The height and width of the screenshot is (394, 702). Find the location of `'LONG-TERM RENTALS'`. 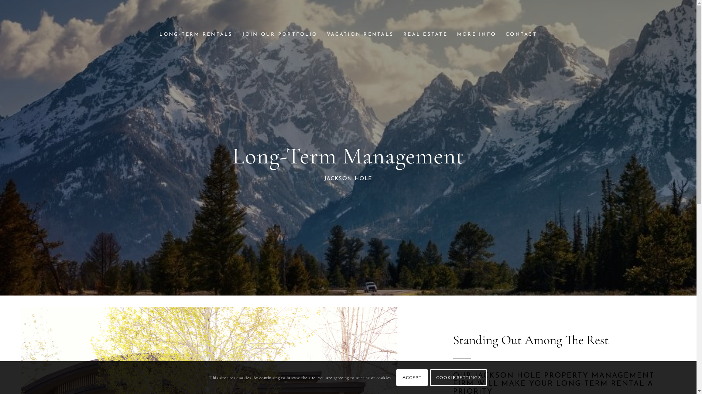

'LONG-TERM RENTALS' is located at coordinates (196, 35).